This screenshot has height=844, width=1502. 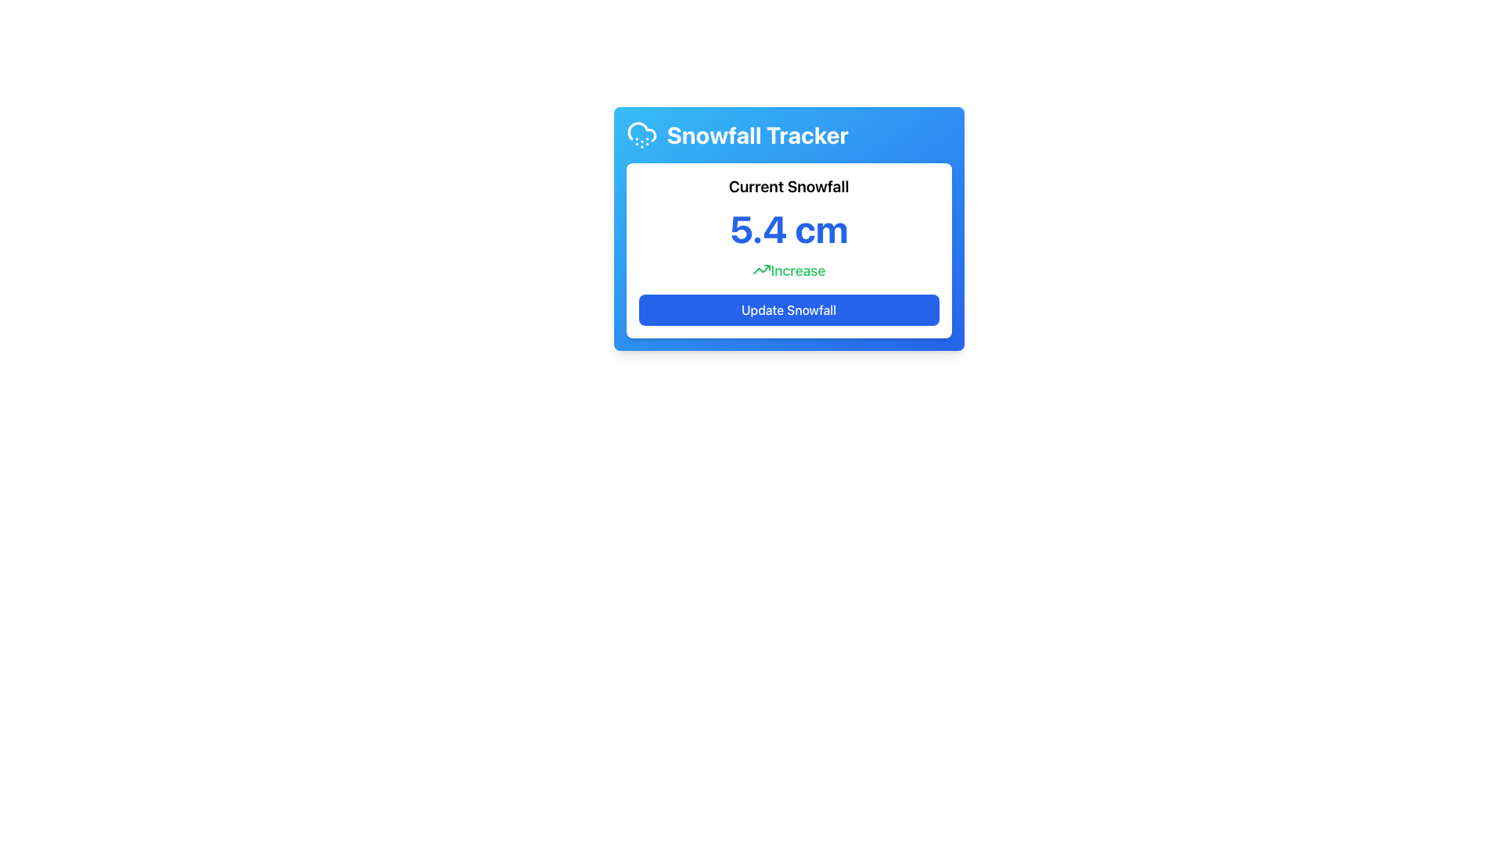 What do you see at coordinates (641, 131) in the screenshot?
I see `the cloud outline icon located at the upper-left corner of the 'Snowfall Tracker' card, adjacent to the text header` at bounding box center [641, 131].